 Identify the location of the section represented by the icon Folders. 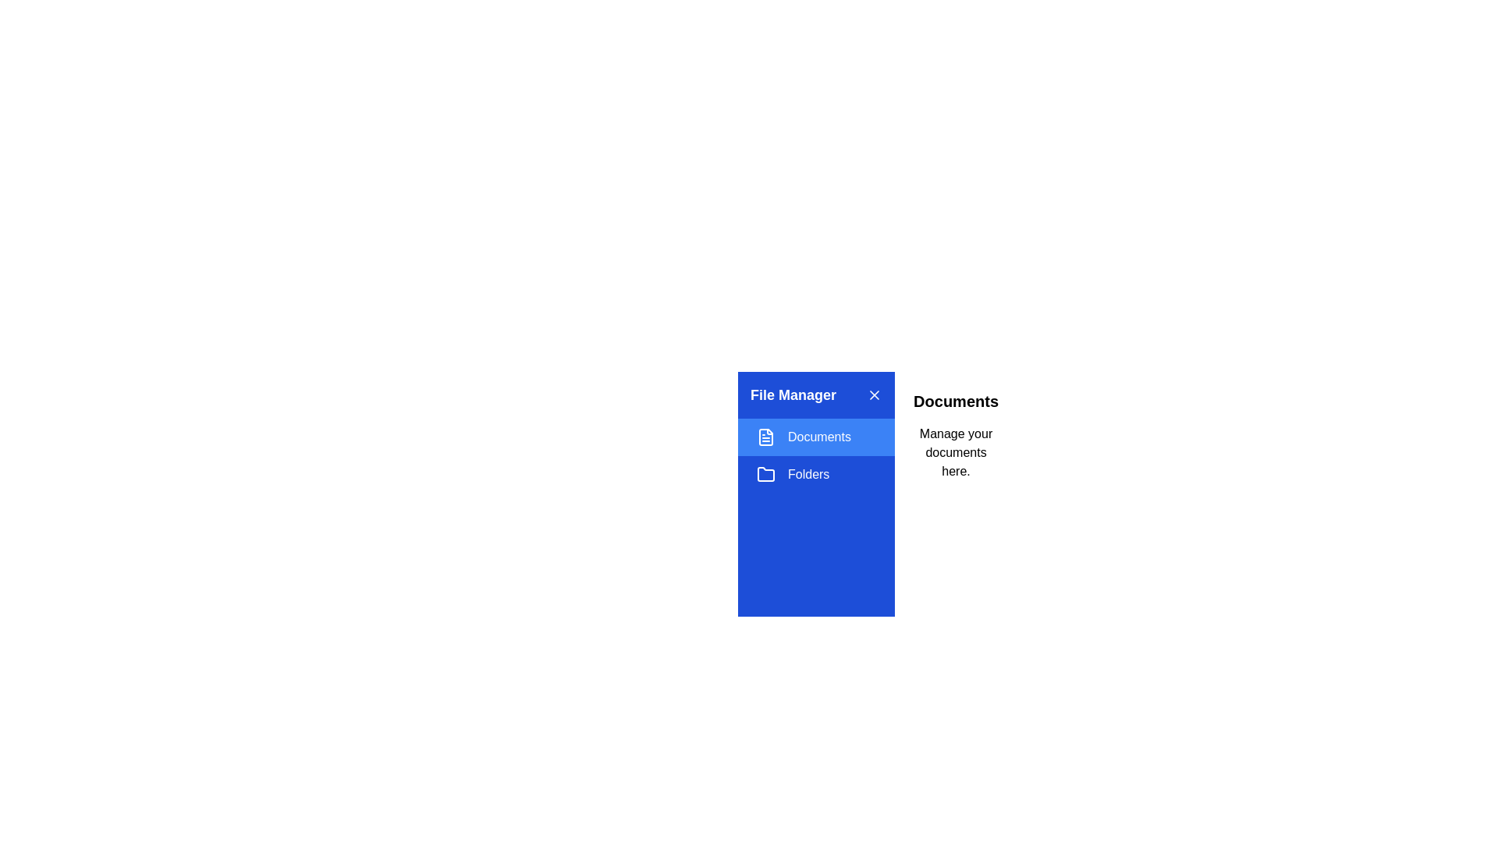
(766, 474).